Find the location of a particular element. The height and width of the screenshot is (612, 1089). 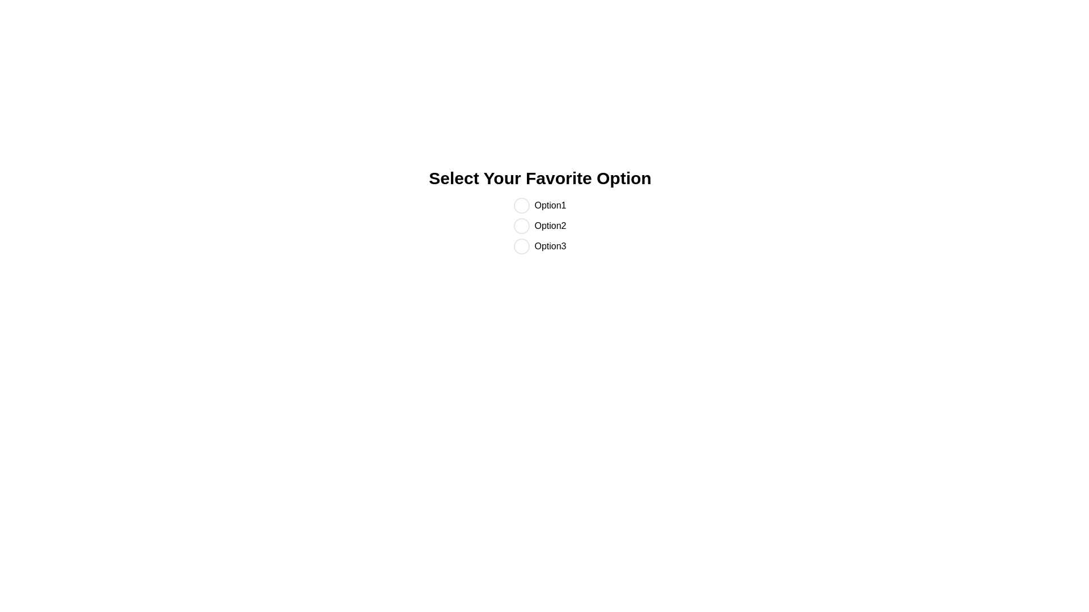

the radio button labeled 'Option2' is located at coordinates (539, 226).